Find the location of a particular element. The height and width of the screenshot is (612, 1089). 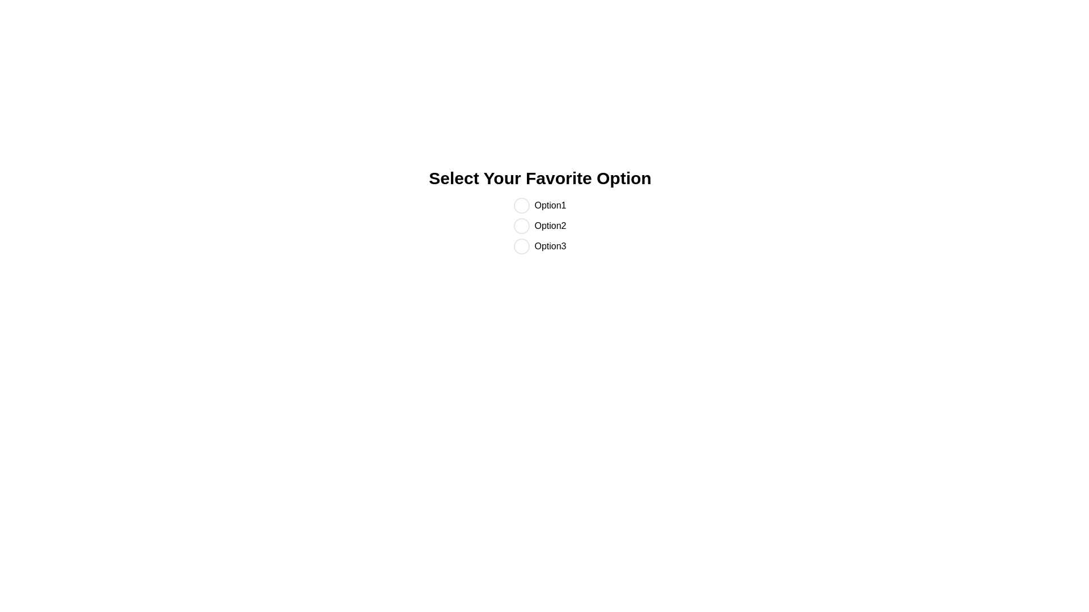

the radio button labeled 'Option2' is located at coordinates (539, 226).